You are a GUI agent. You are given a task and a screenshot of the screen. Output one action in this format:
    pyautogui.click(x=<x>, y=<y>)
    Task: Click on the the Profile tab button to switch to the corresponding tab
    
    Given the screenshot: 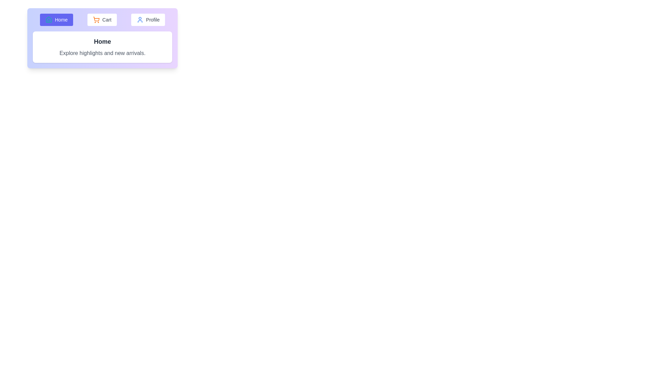 What is the action you would take?
    pyautogui.click(x=147, y=19)
    